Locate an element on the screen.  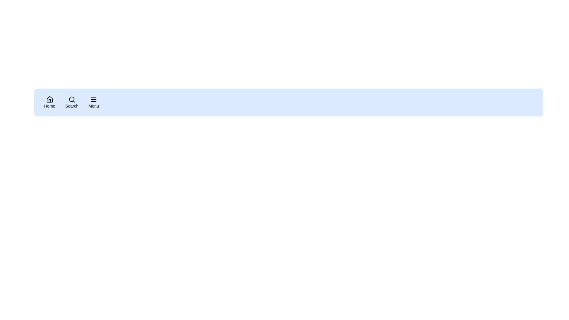
the home icon, which is a graphical outline of a house located on the leftmost side of the navigation bar is located at coordinates (49, 99).